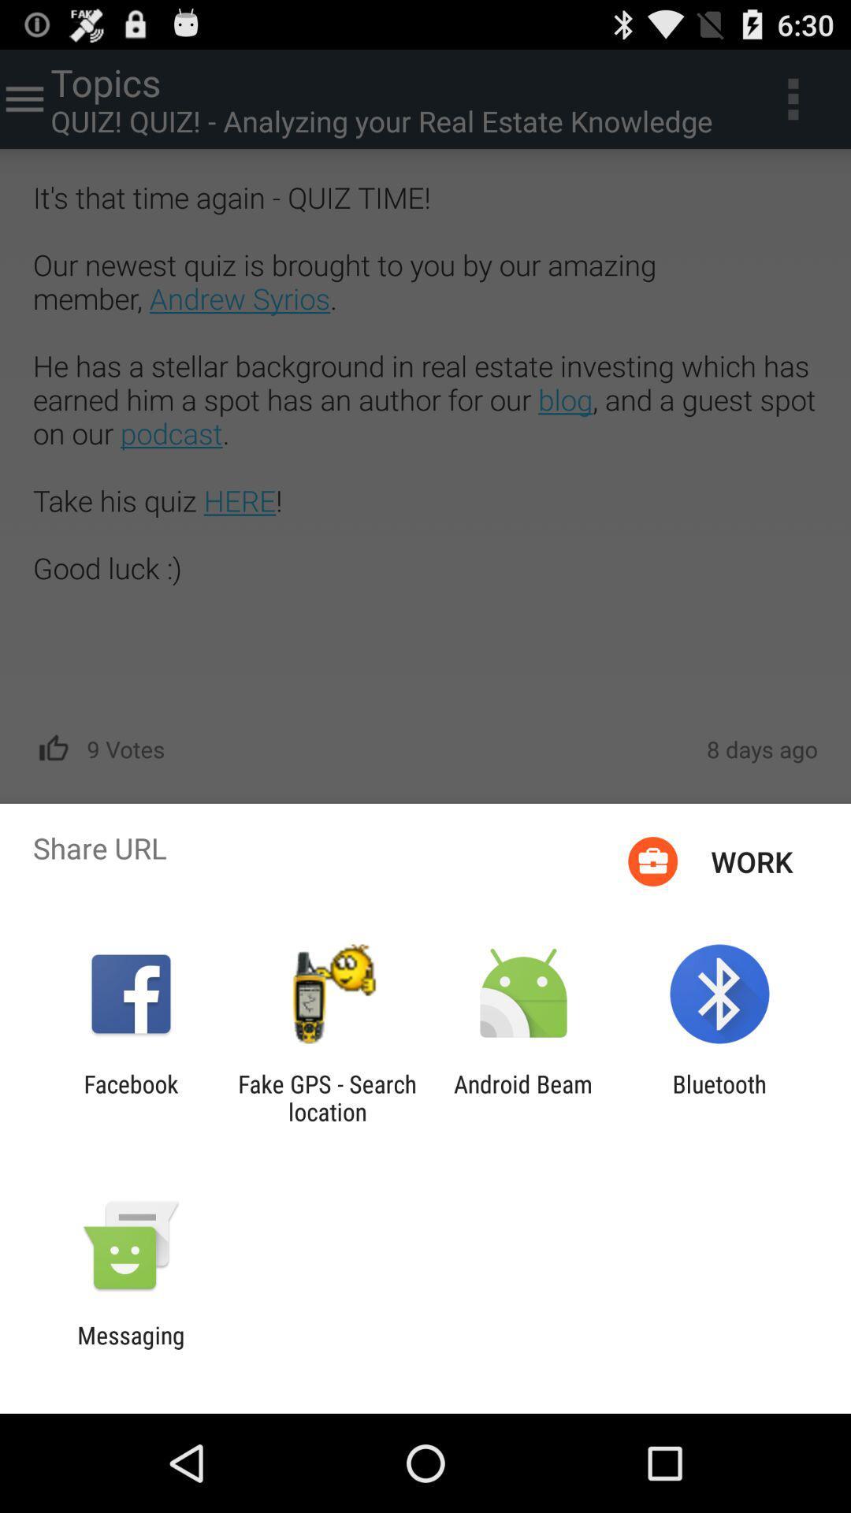 This screenshot has height=1513, width=851. Describe the element at coordinates (719, 1097) in the screenshot. I see `the icon to the right of the android beam icon` at that location.